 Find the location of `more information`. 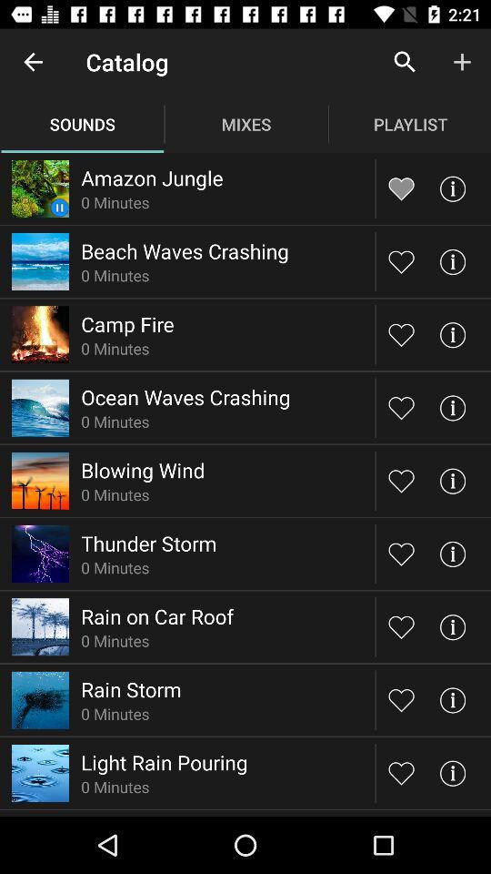

more information is located at coordinates (451, 260).